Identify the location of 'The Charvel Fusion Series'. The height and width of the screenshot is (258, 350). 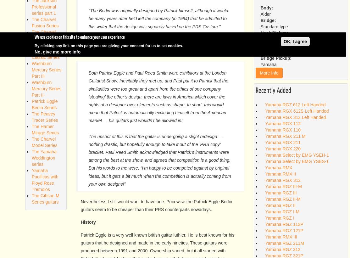
(45, 22).